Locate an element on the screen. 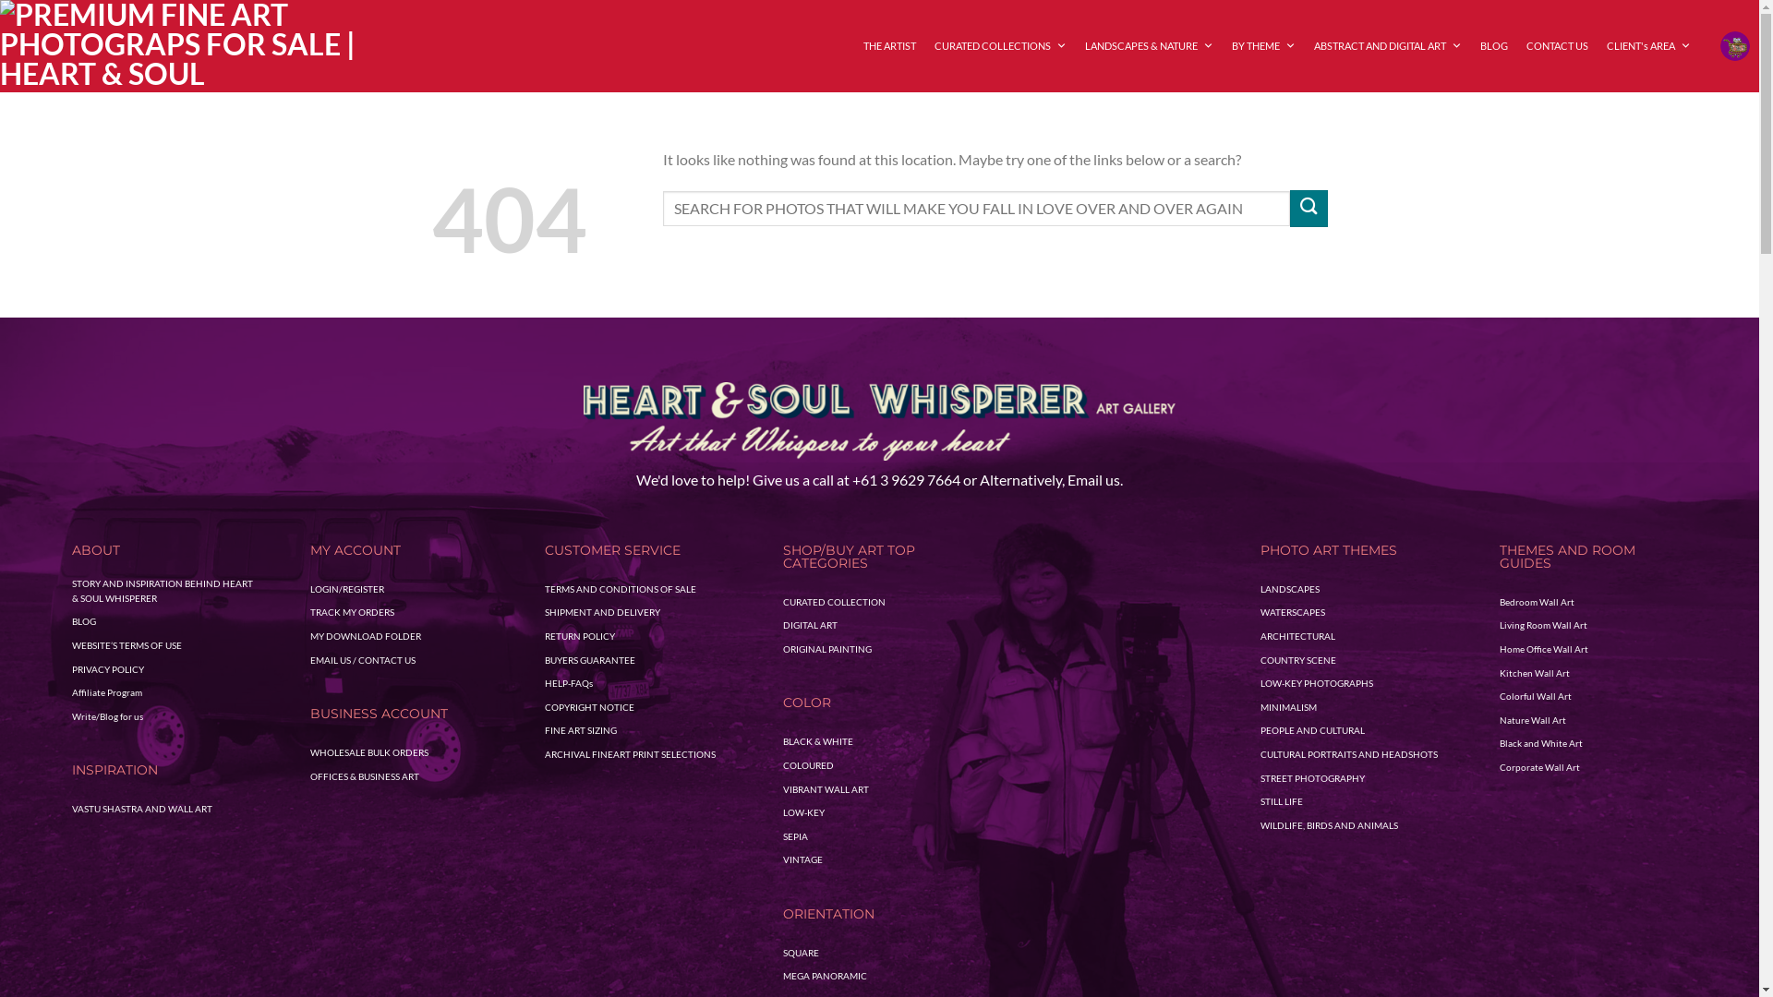 The image size is (1773, 997). 'TERMS AND CONDITIONS OF SALE' is located at coordinates (621, 588).